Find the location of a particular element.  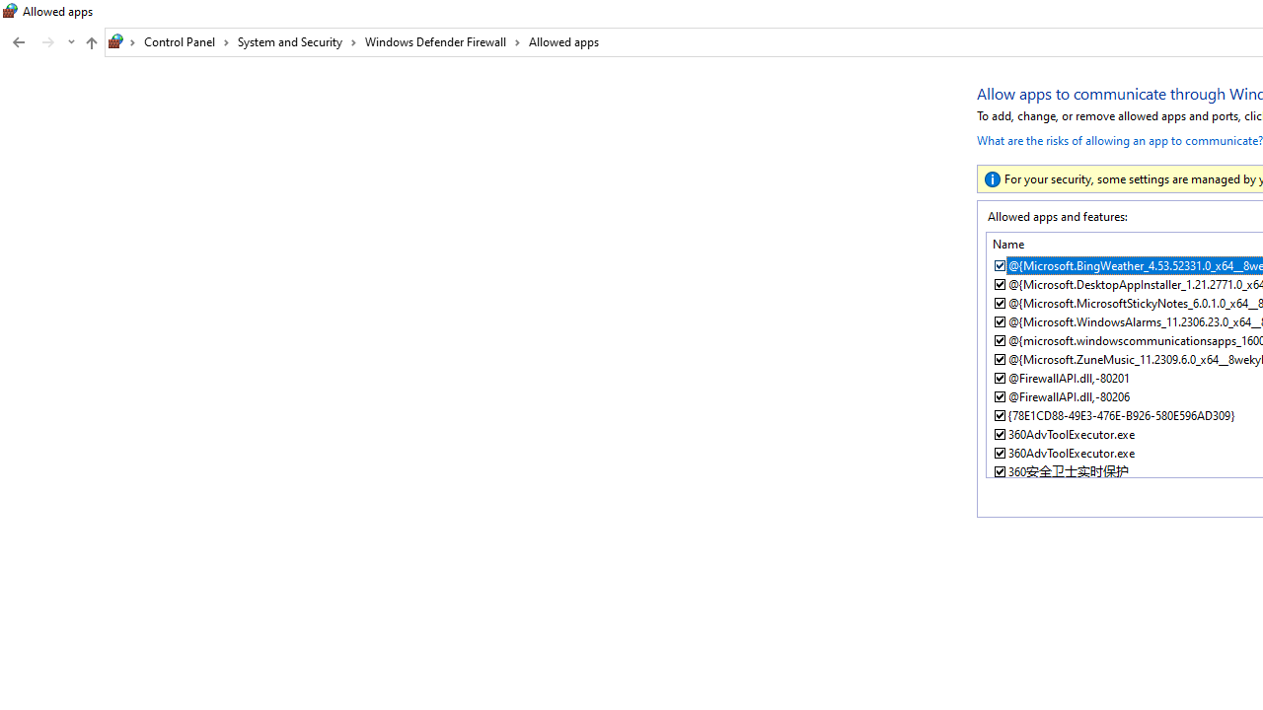

'System' is located at coordinates (10, 11).